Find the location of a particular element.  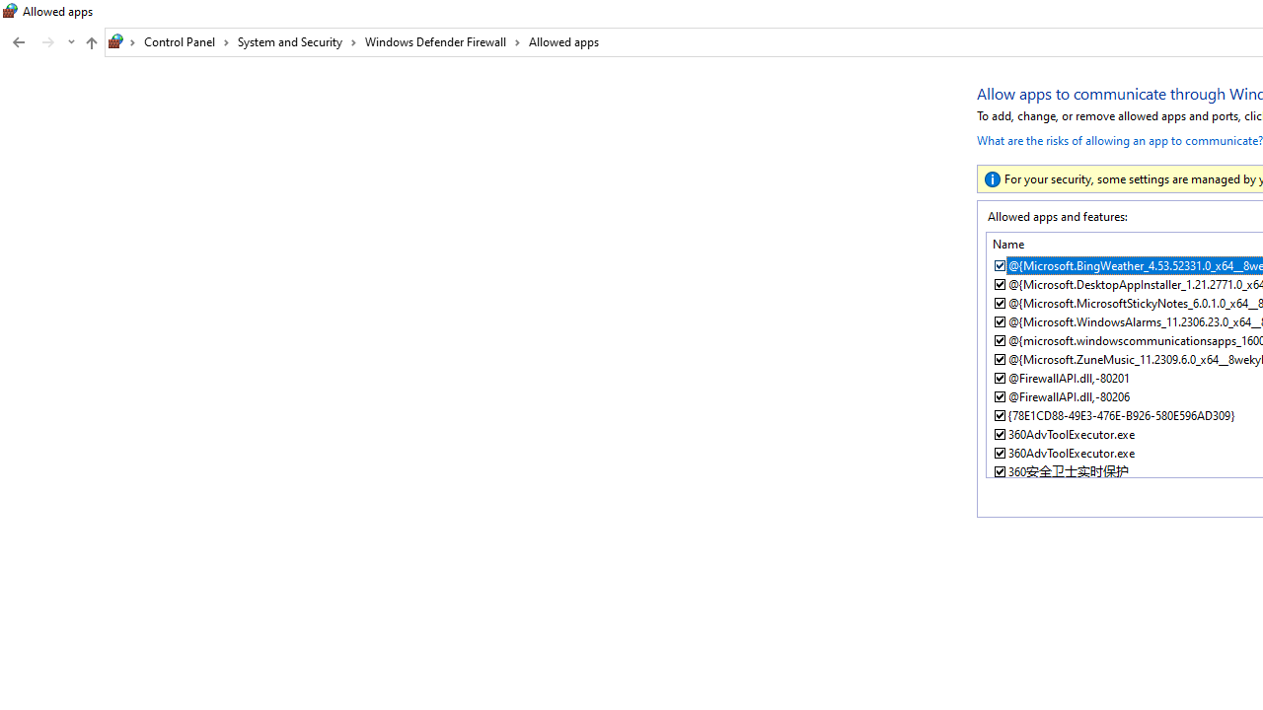

'System' is located at coordinates (10, 11).